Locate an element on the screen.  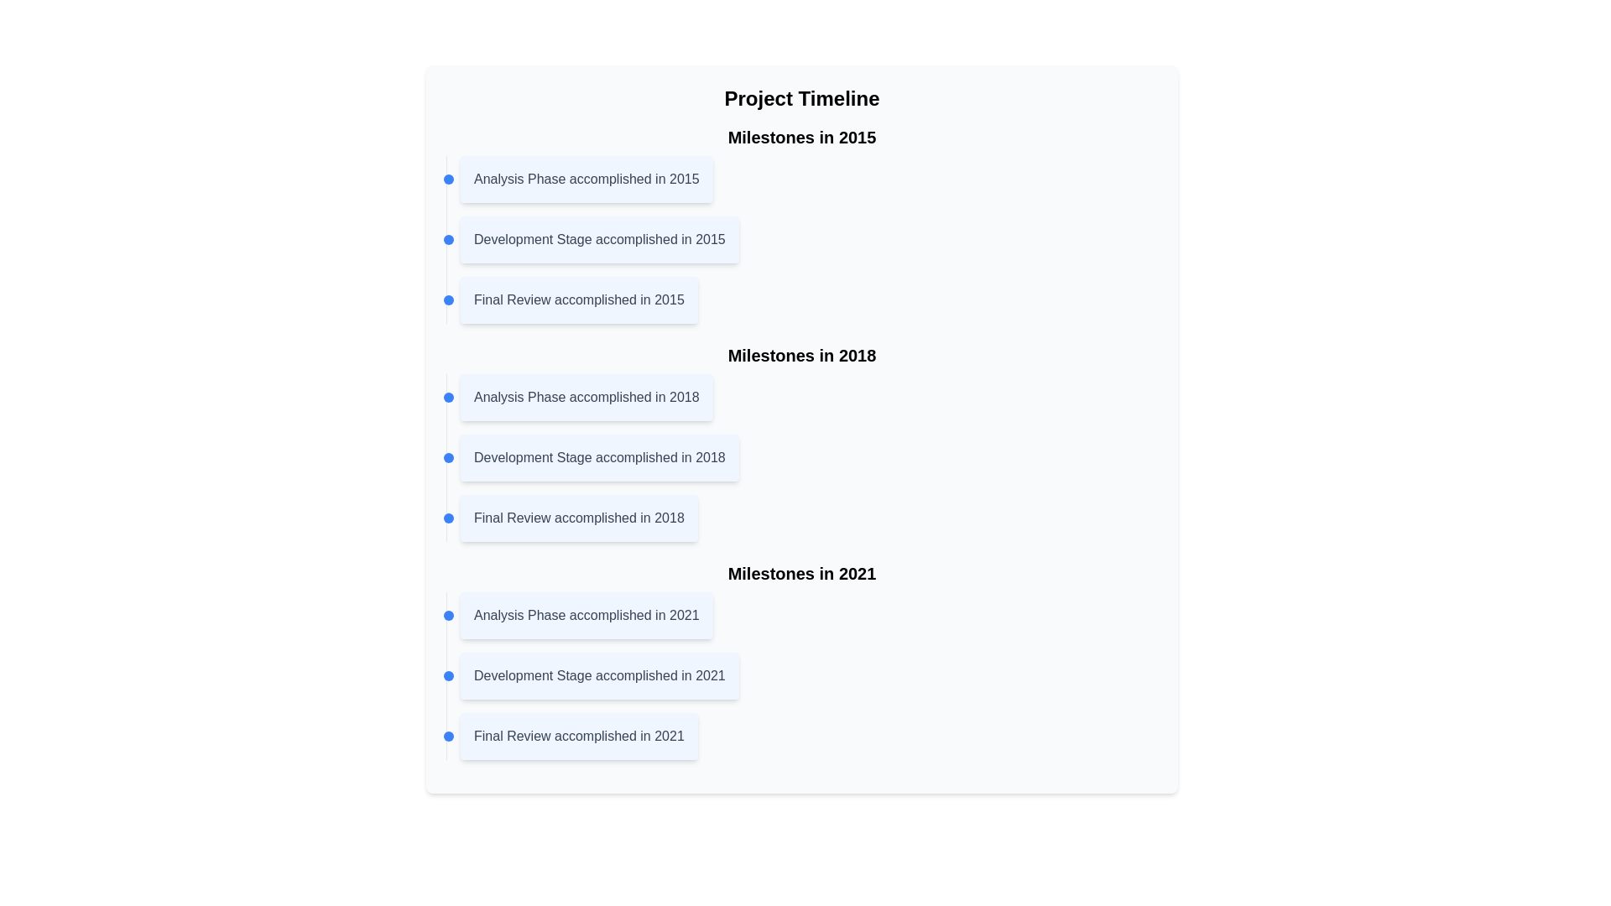
the text box displaying 'Development Stage accomplished in 2018', which is the second item in the 'Milestones in 2018' section of the 'Project Timeline' is located at coordinates (599, 458).